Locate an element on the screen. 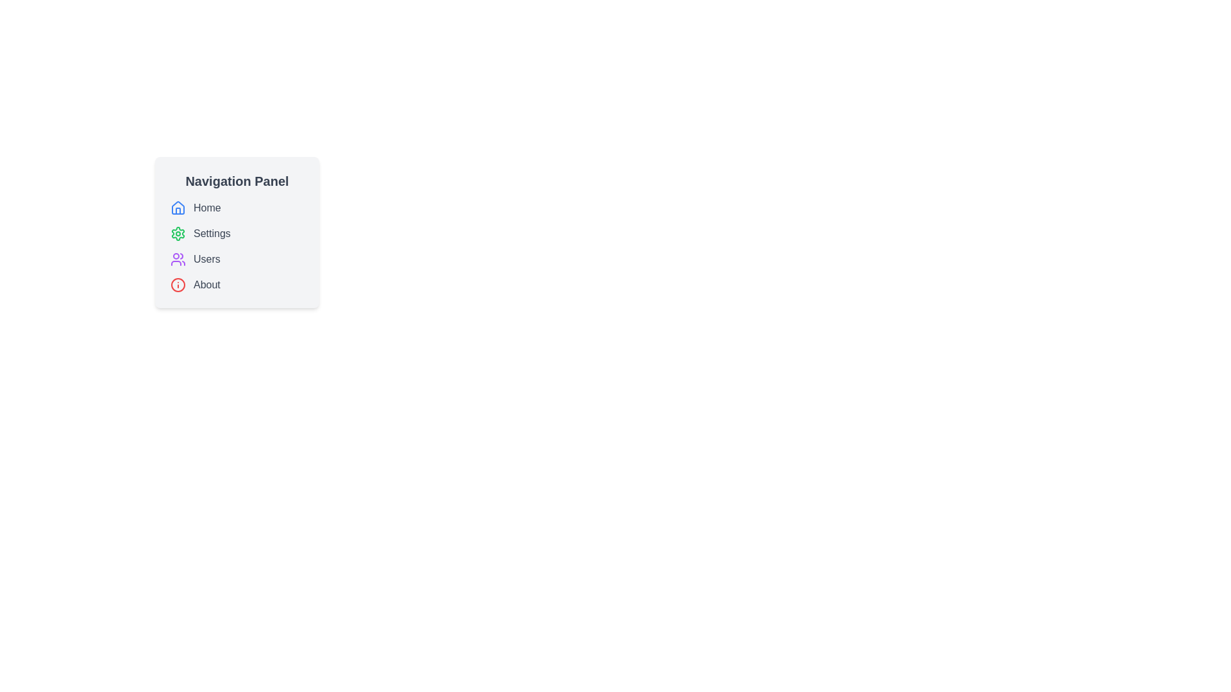 This screenshot has height=692, width=1231. the gear icon representing settings functionality, located to the left of the 'Settings' label in the navigation panel is located at coordinates (178, 234).